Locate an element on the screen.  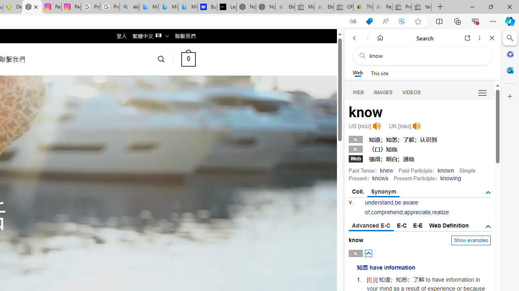
'known' is located at coordinates (445, 170).